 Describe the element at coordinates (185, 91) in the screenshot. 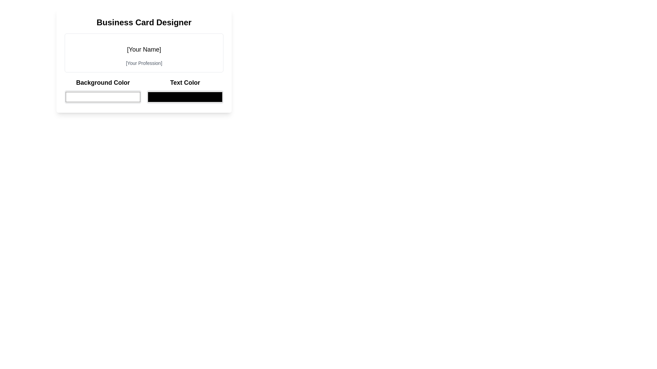

I see `the Color Display Area located in the top-right cell of the grid beneath the 'Text Color' label` at that location.